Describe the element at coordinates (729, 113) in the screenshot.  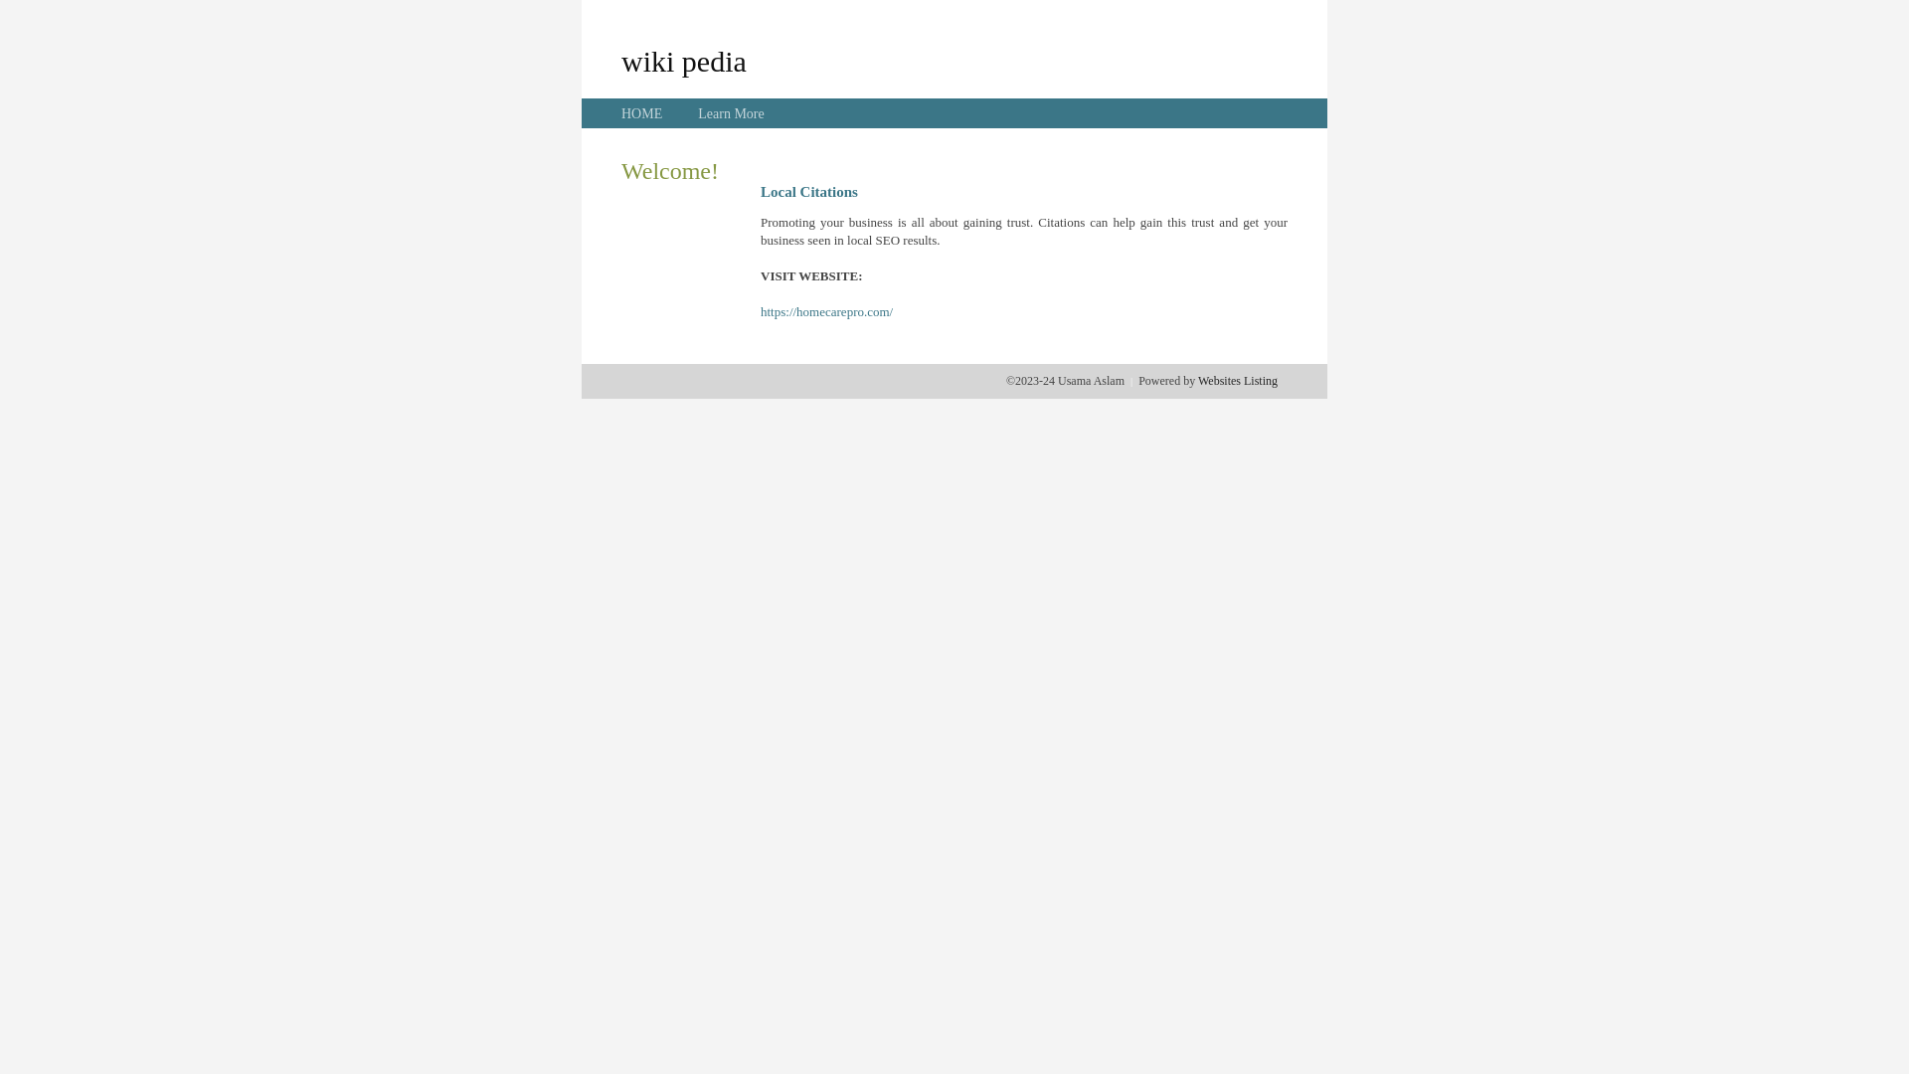
I see `'Learn More'` at that location.